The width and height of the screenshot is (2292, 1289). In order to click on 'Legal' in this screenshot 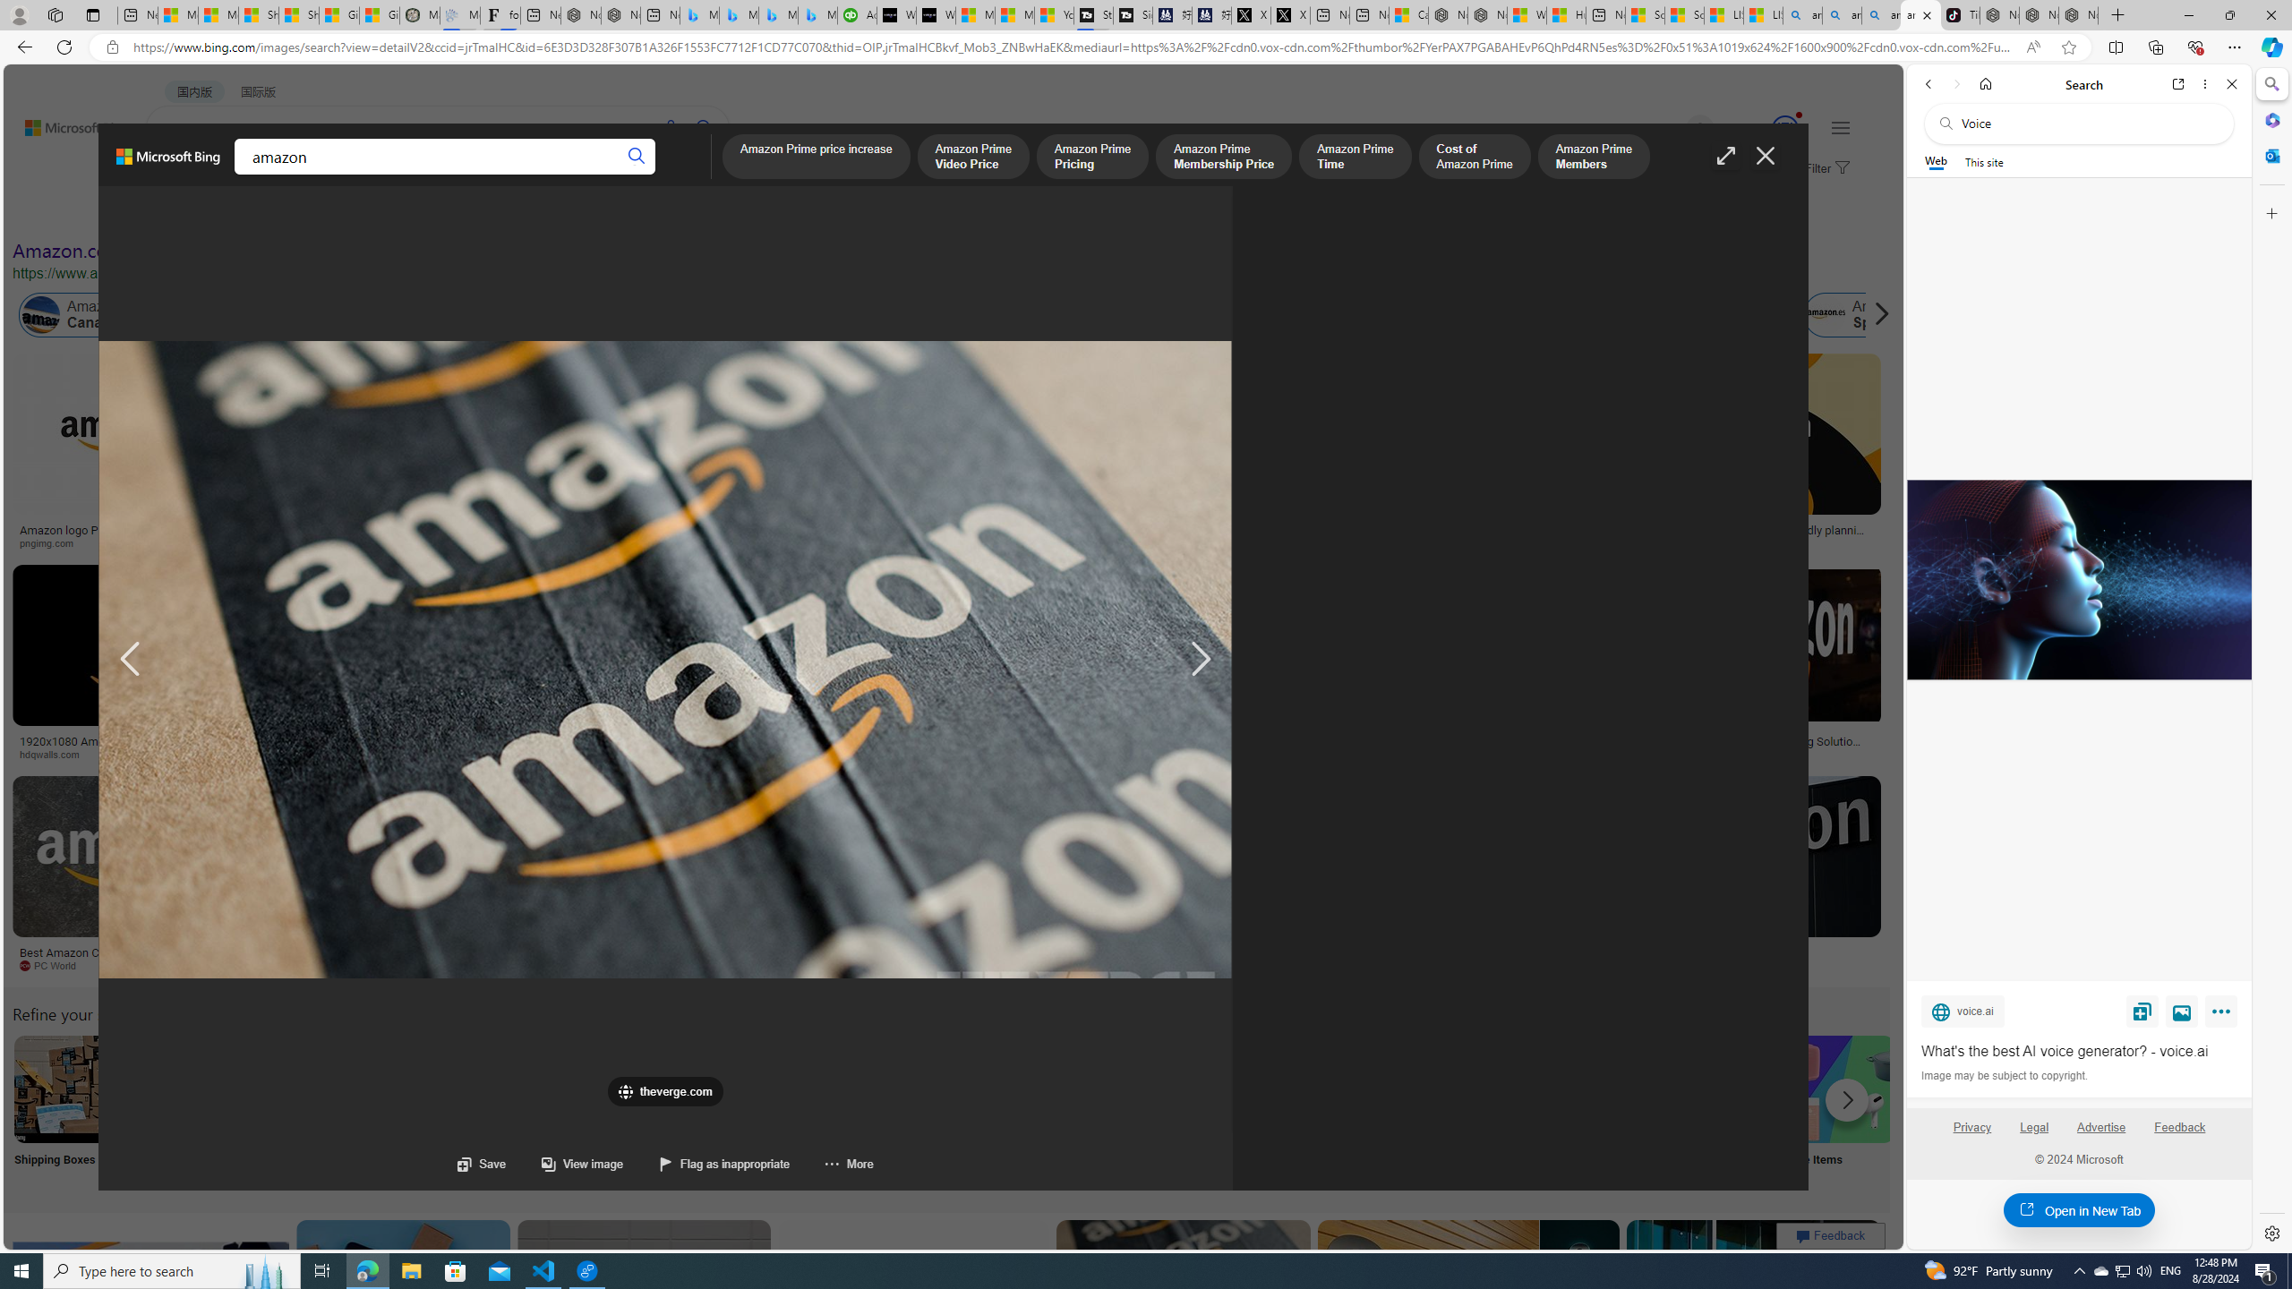, I will do `click(2033, 1127)`.